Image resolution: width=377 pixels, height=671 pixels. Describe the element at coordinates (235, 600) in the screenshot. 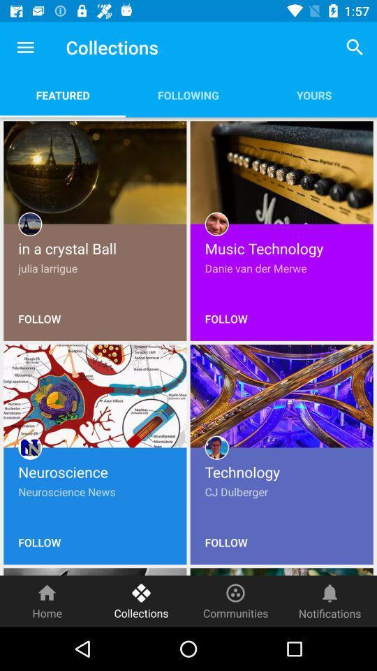

I see `the icon next to the collections` at that location.